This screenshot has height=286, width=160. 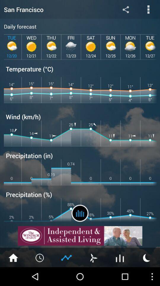 What do you see at coordinates (93, 257) in the screenshot?
I see `wind icon` at bounding box center [93, 257].